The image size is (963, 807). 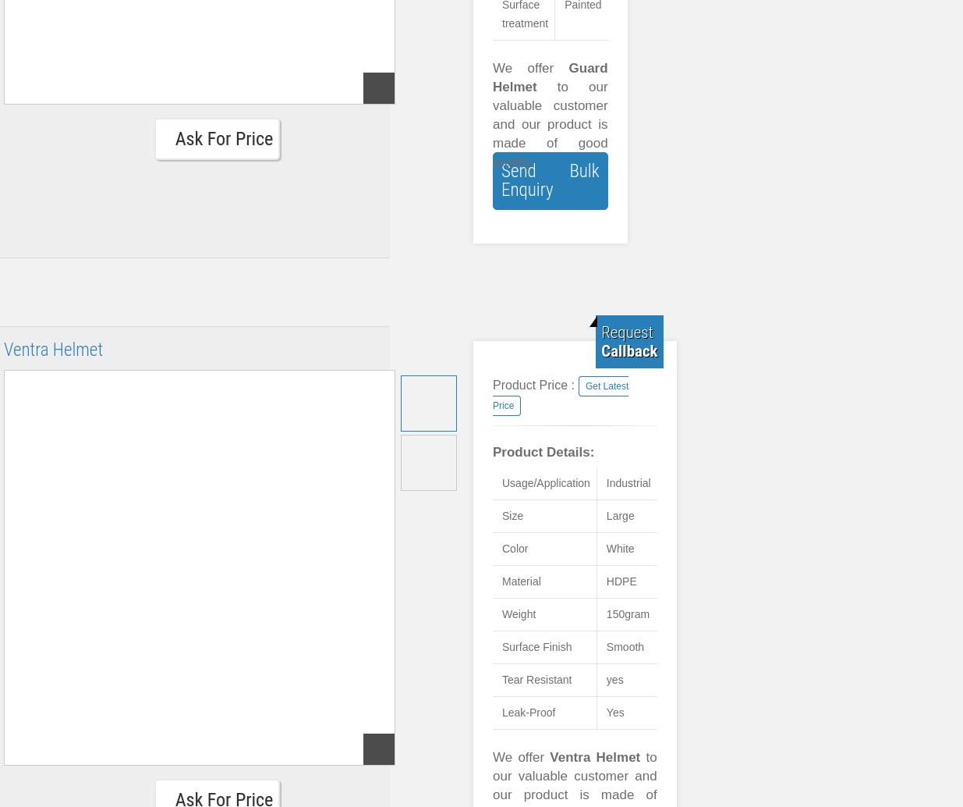 I want to click on '150gram', so click(x=627, y=613).